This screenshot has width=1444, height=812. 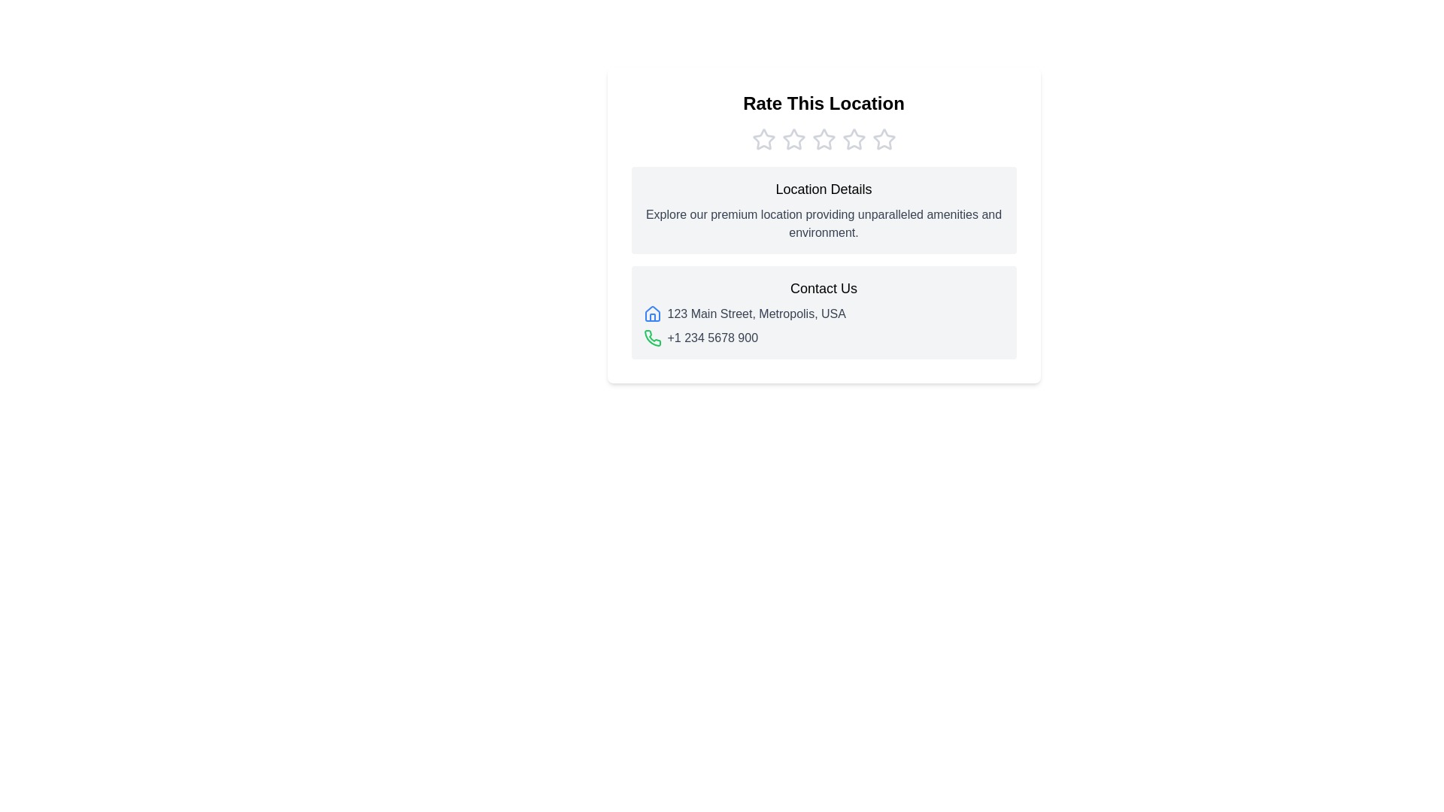 What do you see at coordinates (884, 139) in the screenshot?
I see `the sixth star icon for accessibility navigation in the 'Rate This Location' feature` at bounding box center [884, 139].